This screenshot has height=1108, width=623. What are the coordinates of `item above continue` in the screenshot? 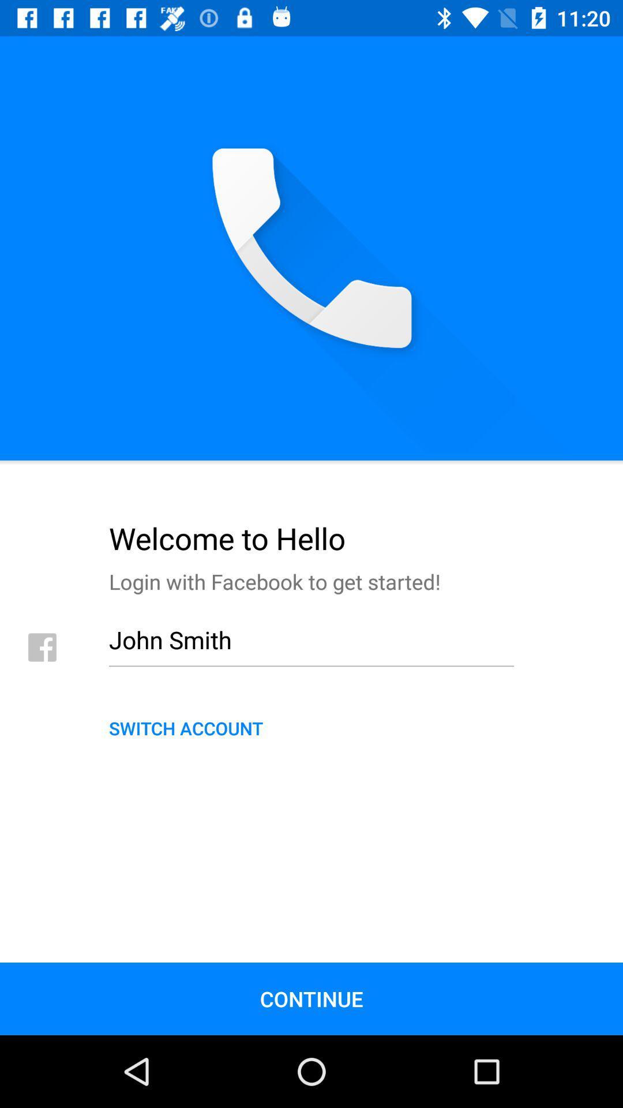 It's located at (311, 727).